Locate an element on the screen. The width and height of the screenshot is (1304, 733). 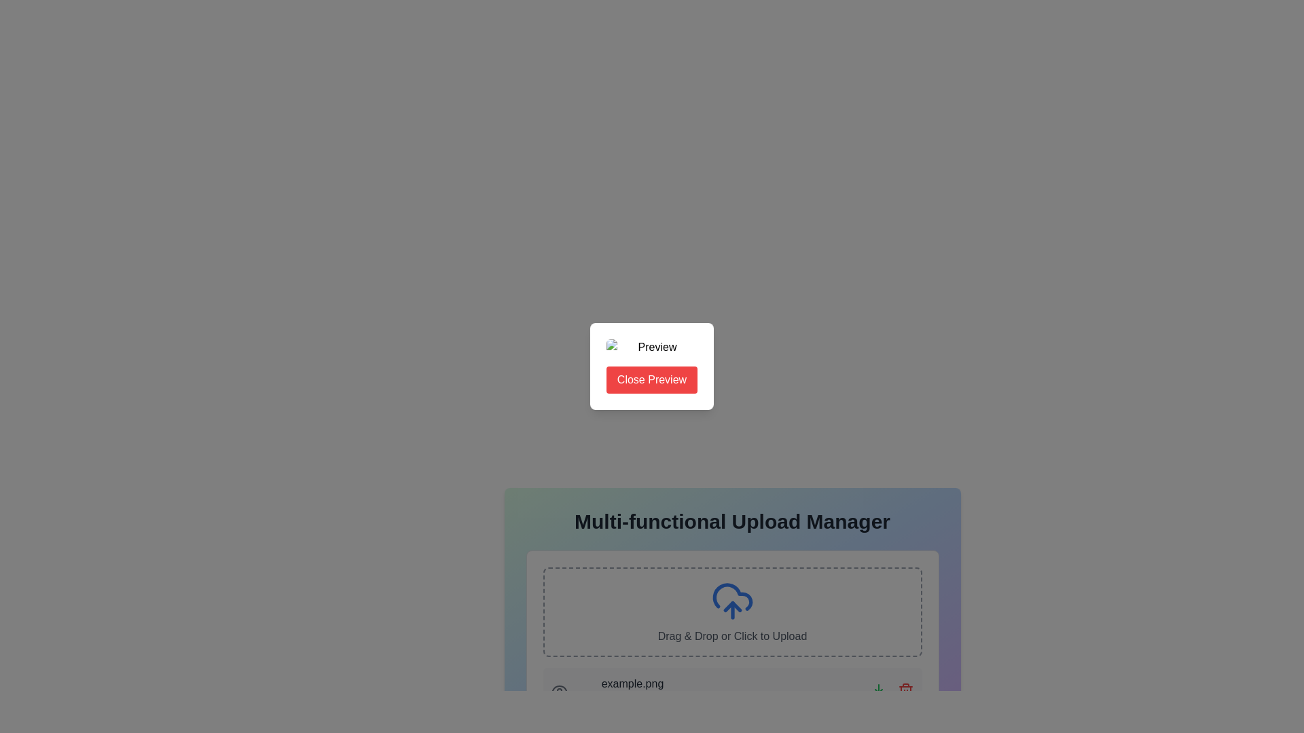
the green download icon shaped like a downward-facing arrow is located at coordinates (878, 691).